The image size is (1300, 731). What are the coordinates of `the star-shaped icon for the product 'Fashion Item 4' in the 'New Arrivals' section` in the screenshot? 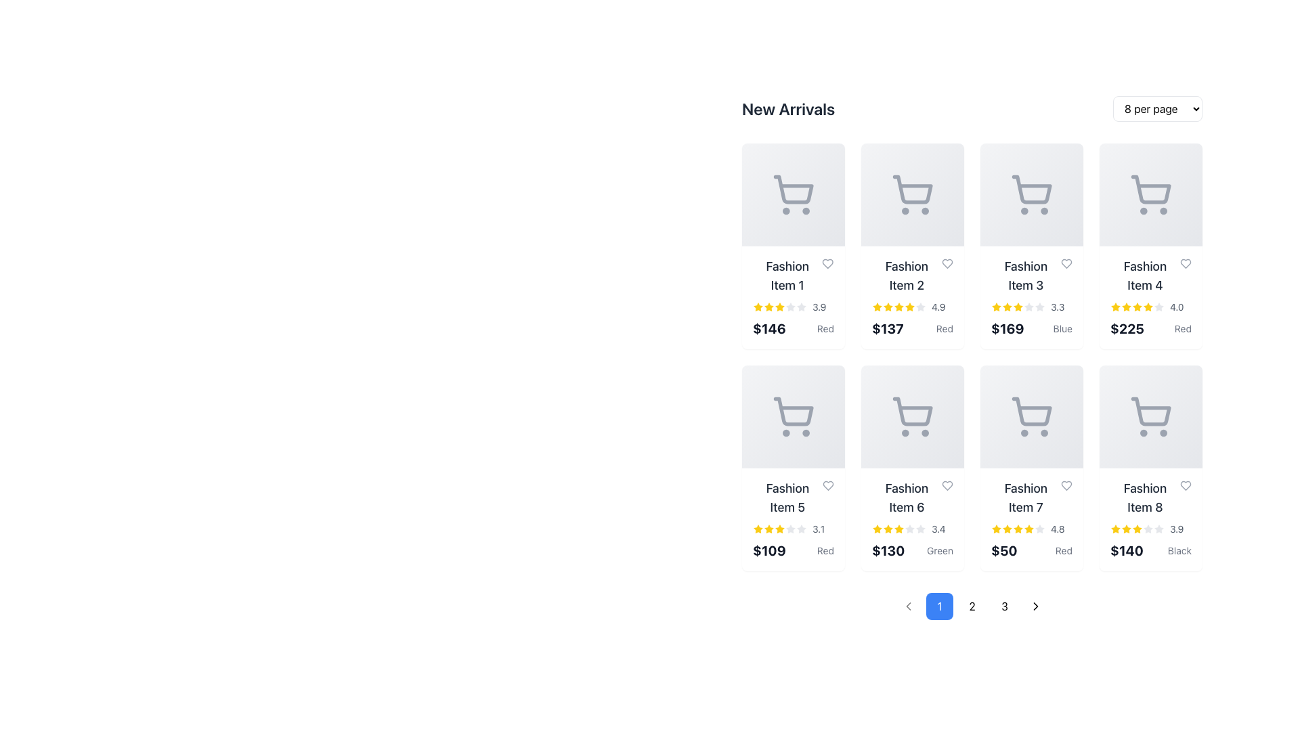 It's located at (1158, 307).